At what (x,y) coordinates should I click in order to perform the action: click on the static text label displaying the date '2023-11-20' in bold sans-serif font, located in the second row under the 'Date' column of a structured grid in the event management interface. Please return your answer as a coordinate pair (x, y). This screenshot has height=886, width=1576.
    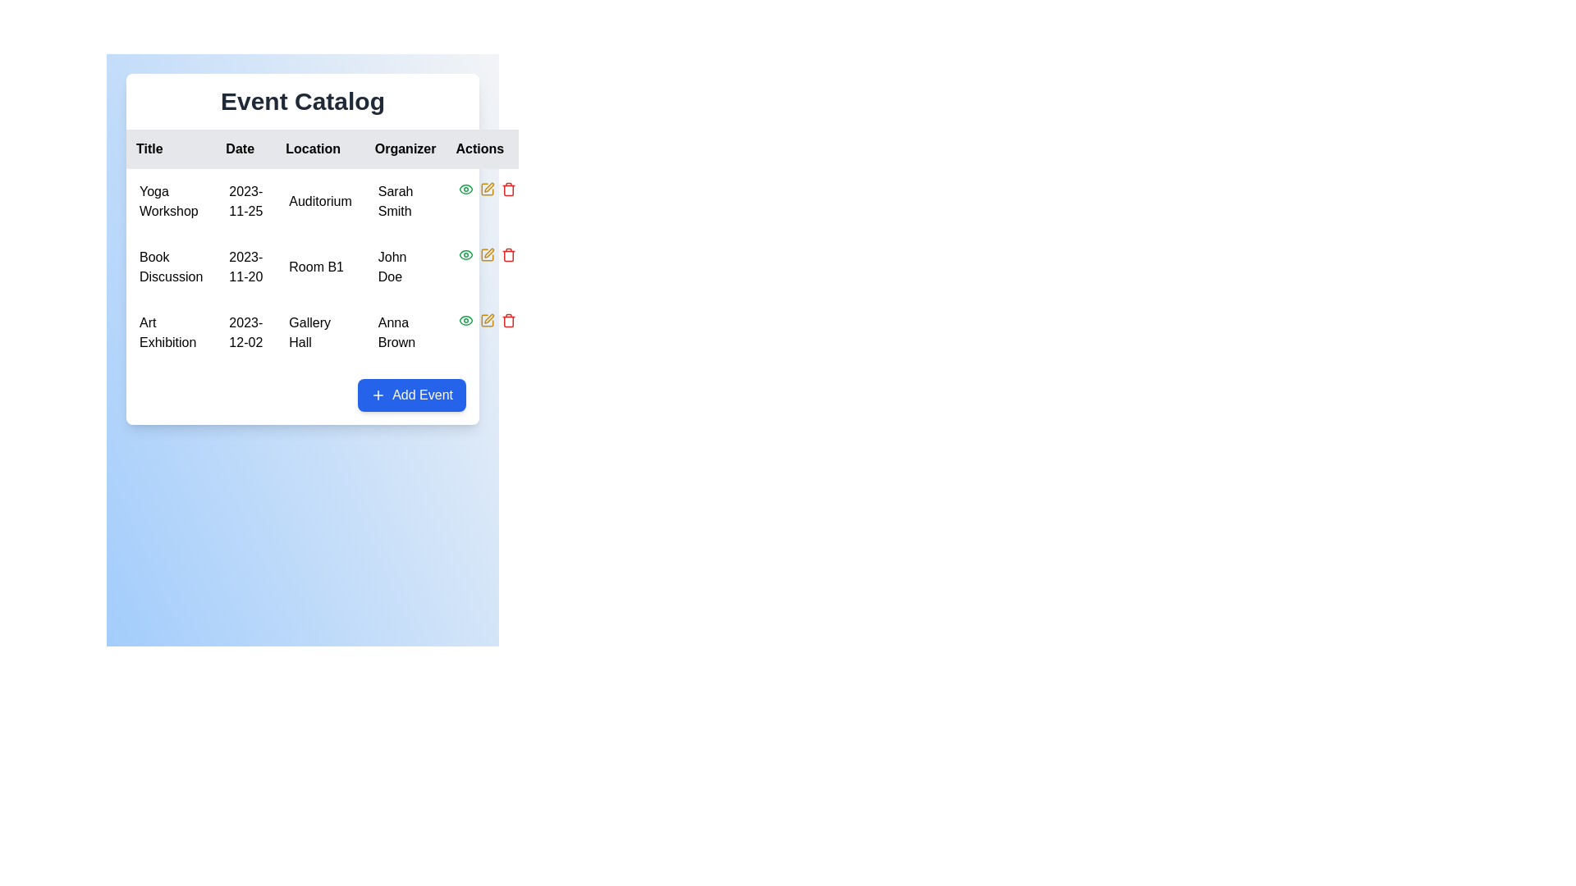
    Looking at the image, I should click on (245, 267).